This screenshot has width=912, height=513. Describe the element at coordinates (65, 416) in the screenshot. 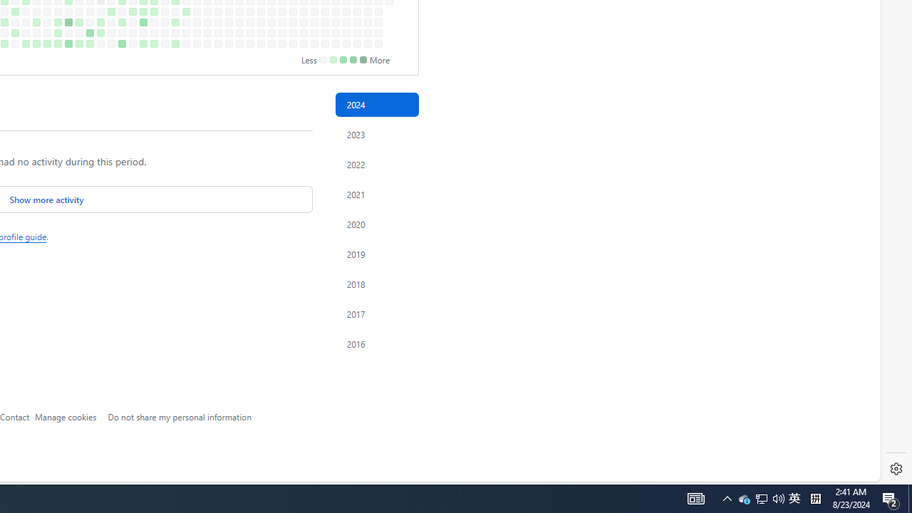

I see `'Manage cookies'` at that location.